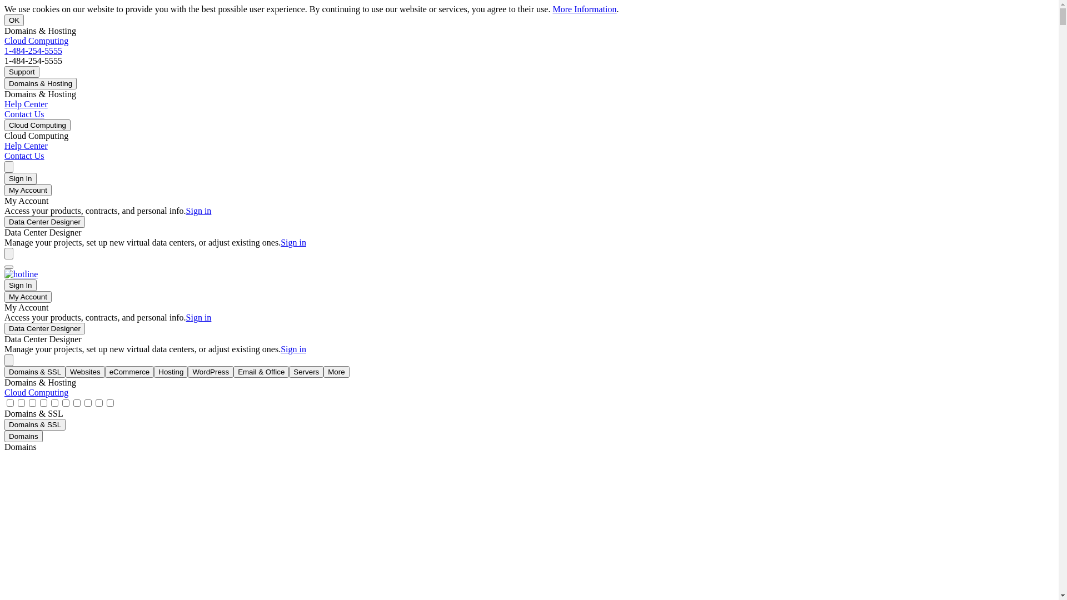  I want to click on 'More', so click(335, 372).